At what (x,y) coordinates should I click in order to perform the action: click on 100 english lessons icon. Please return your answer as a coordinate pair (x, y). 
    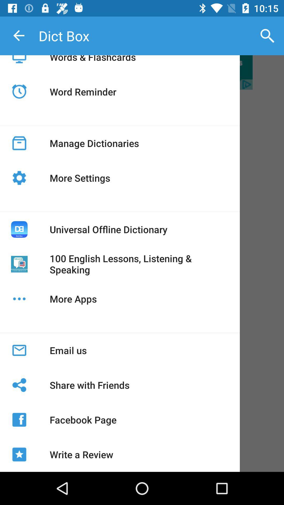
    Looking at the image, I should click on (139, 264).